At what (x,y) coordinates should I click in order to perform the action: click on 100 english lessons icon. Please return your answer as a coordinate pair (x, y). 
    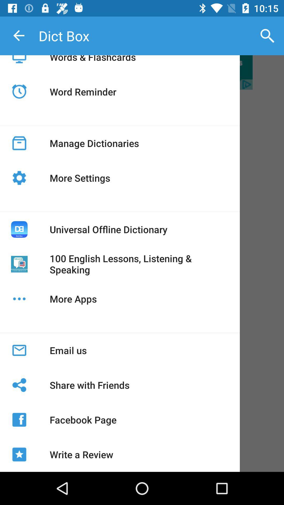
    Looking at the image, I should click on (139, 264).